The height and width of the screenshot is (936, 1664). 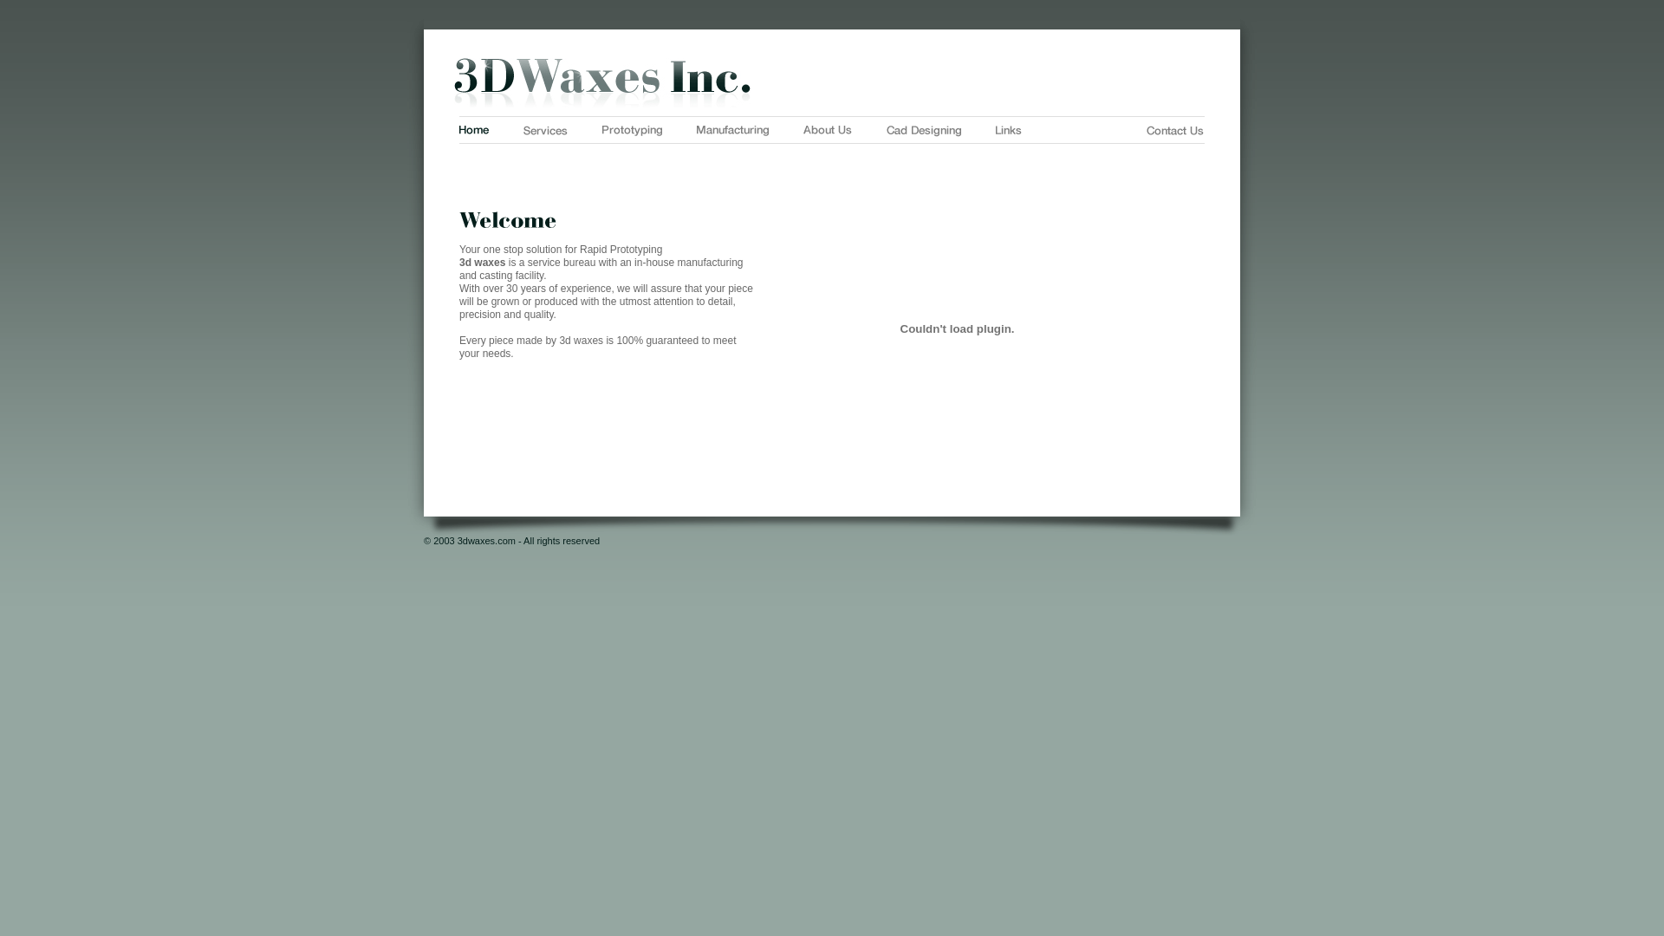 I want to click on 'Prototyping', so click(x=602, y=129).